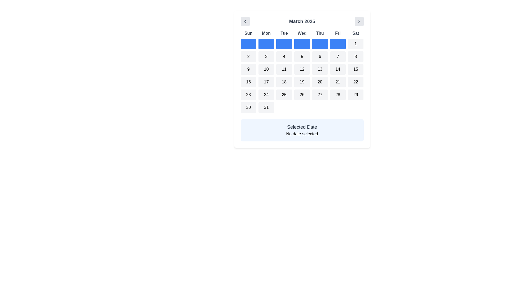 The image size is (509, 286). What do you see at coordinates (284, 56) in the screenshot?
I see `the button labeled '4' with a gray background and rounded corners in the third column of the second row of the calendar grid` at bounding box center [284, 56].